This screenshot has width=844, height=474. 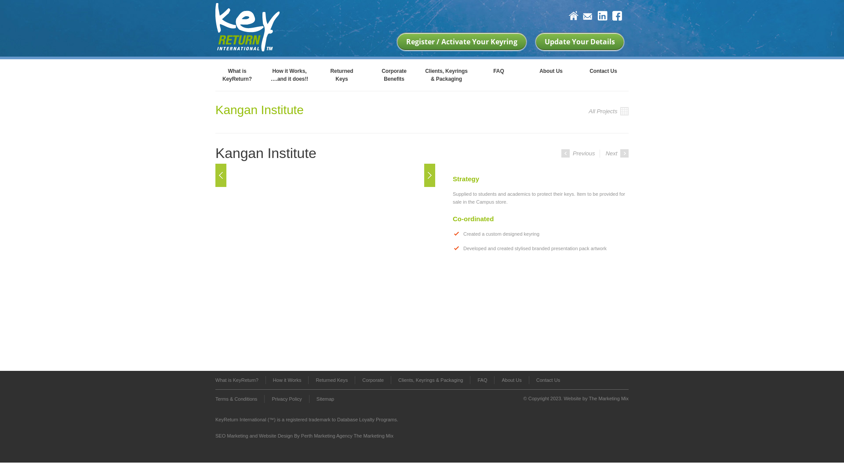 What do you see at coordinates (481, 380) in the screenshot?
I see `'FAQ'` at bounding box center [481, 380].